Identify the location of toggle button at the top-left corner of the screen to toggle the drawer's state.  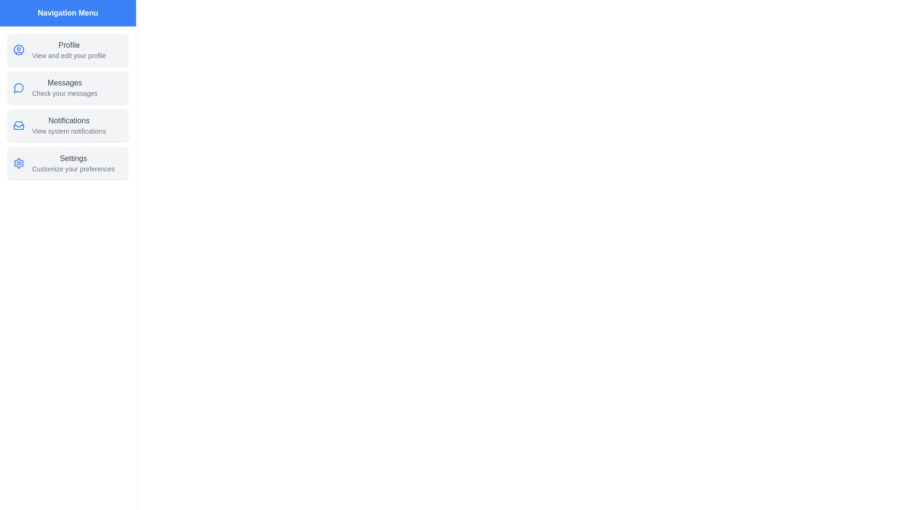
(18, 18).